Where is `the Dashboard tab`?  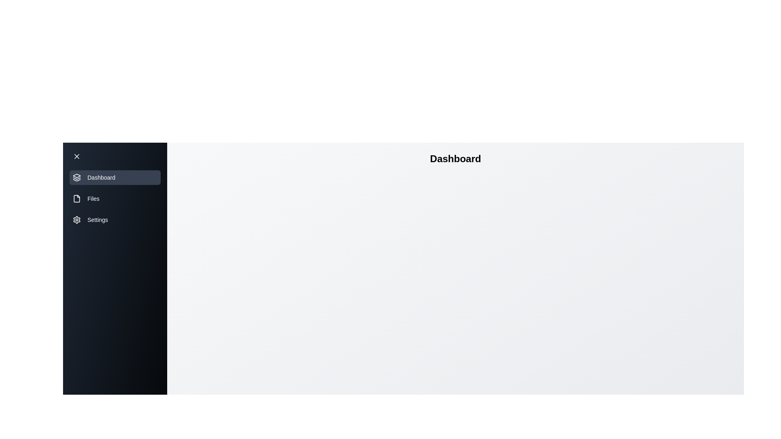
the Dashboard tab is located at coordinates (115, 177).